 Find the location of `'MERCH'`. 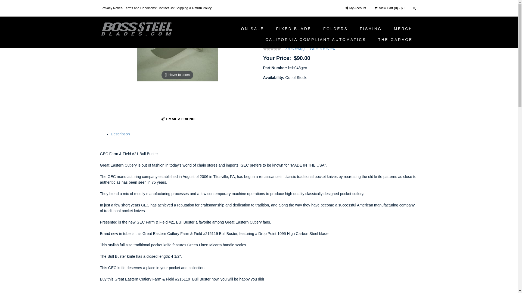

'MERCH' is located at coordinates (403, 28).